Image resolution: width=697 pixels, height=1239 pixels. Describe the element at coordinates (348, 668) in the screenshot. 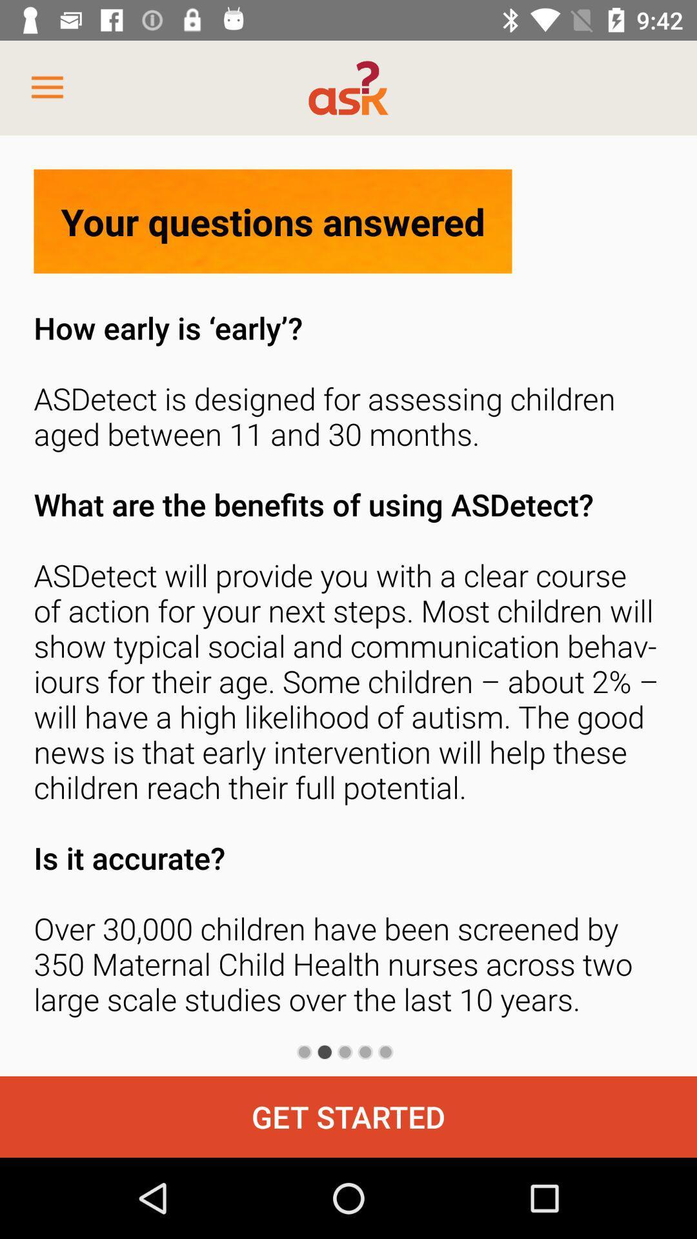

I see `the item below your questions answered icon` at that location.